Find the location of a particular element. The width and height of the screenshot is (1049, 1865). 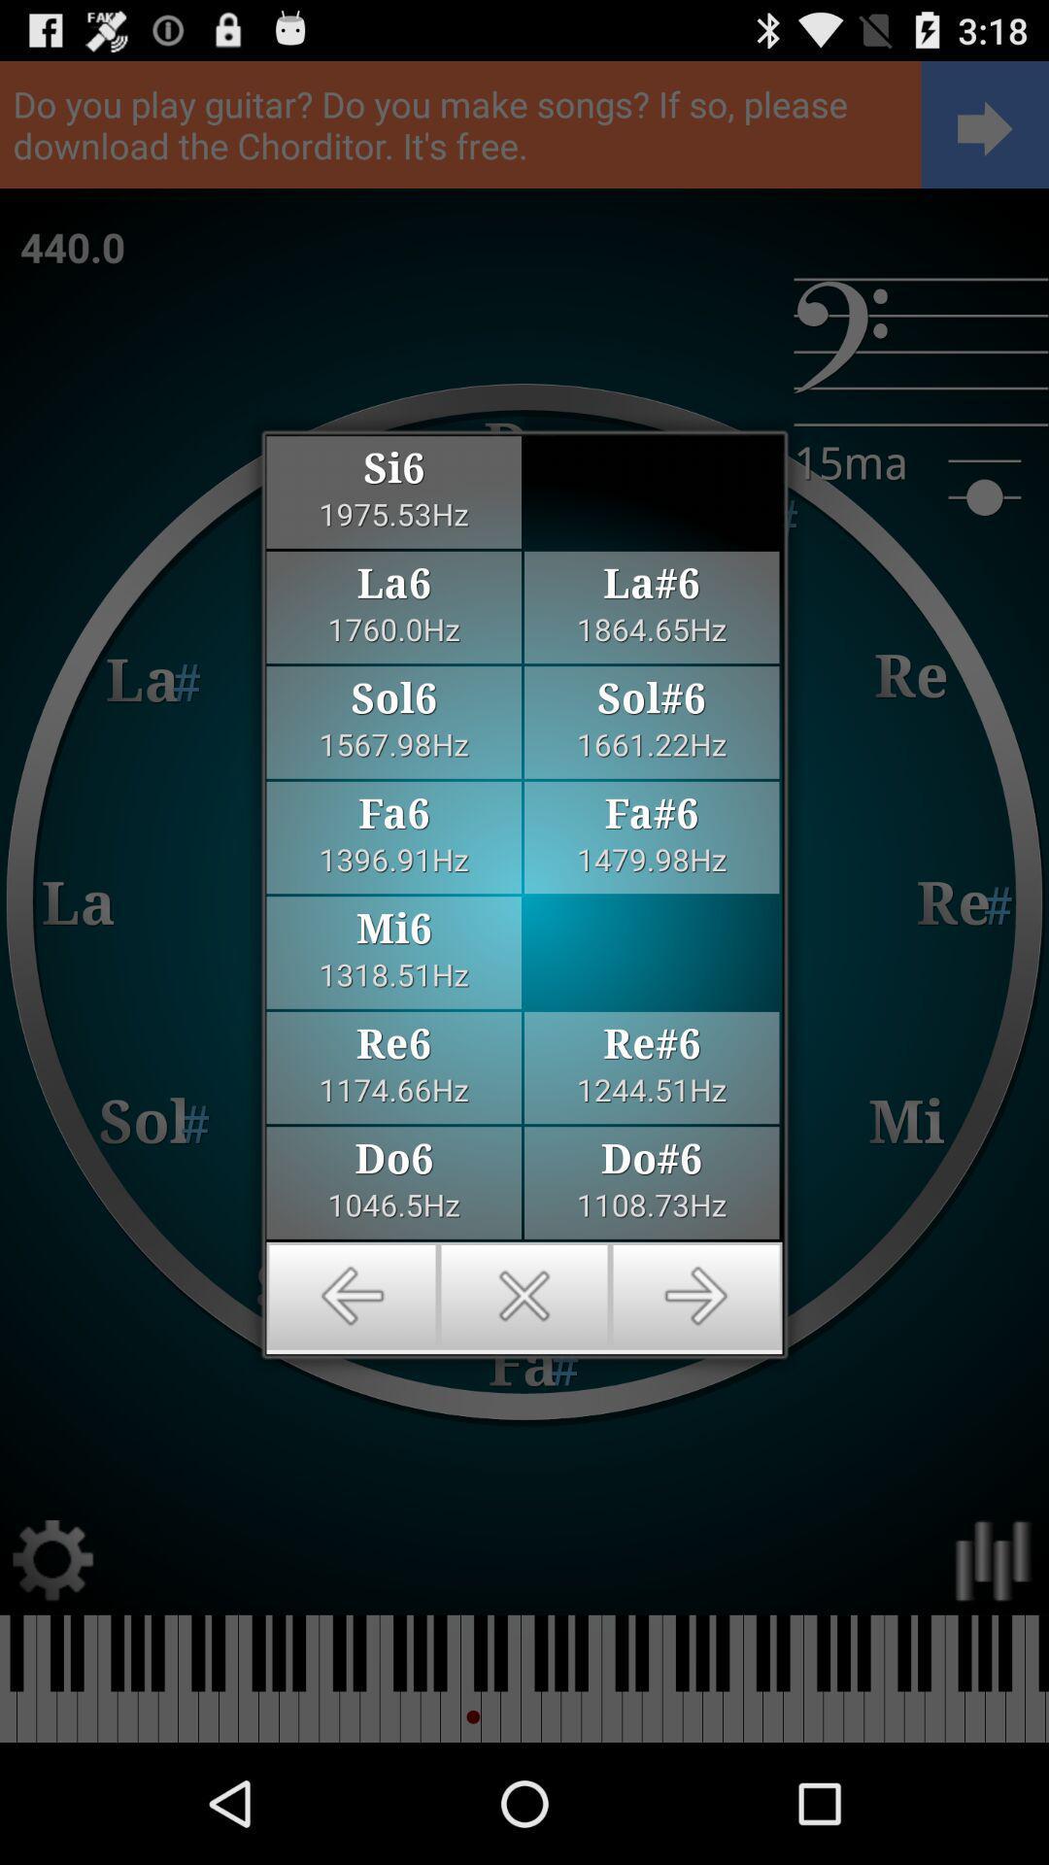

go back is located at coordinates (352, 1296).